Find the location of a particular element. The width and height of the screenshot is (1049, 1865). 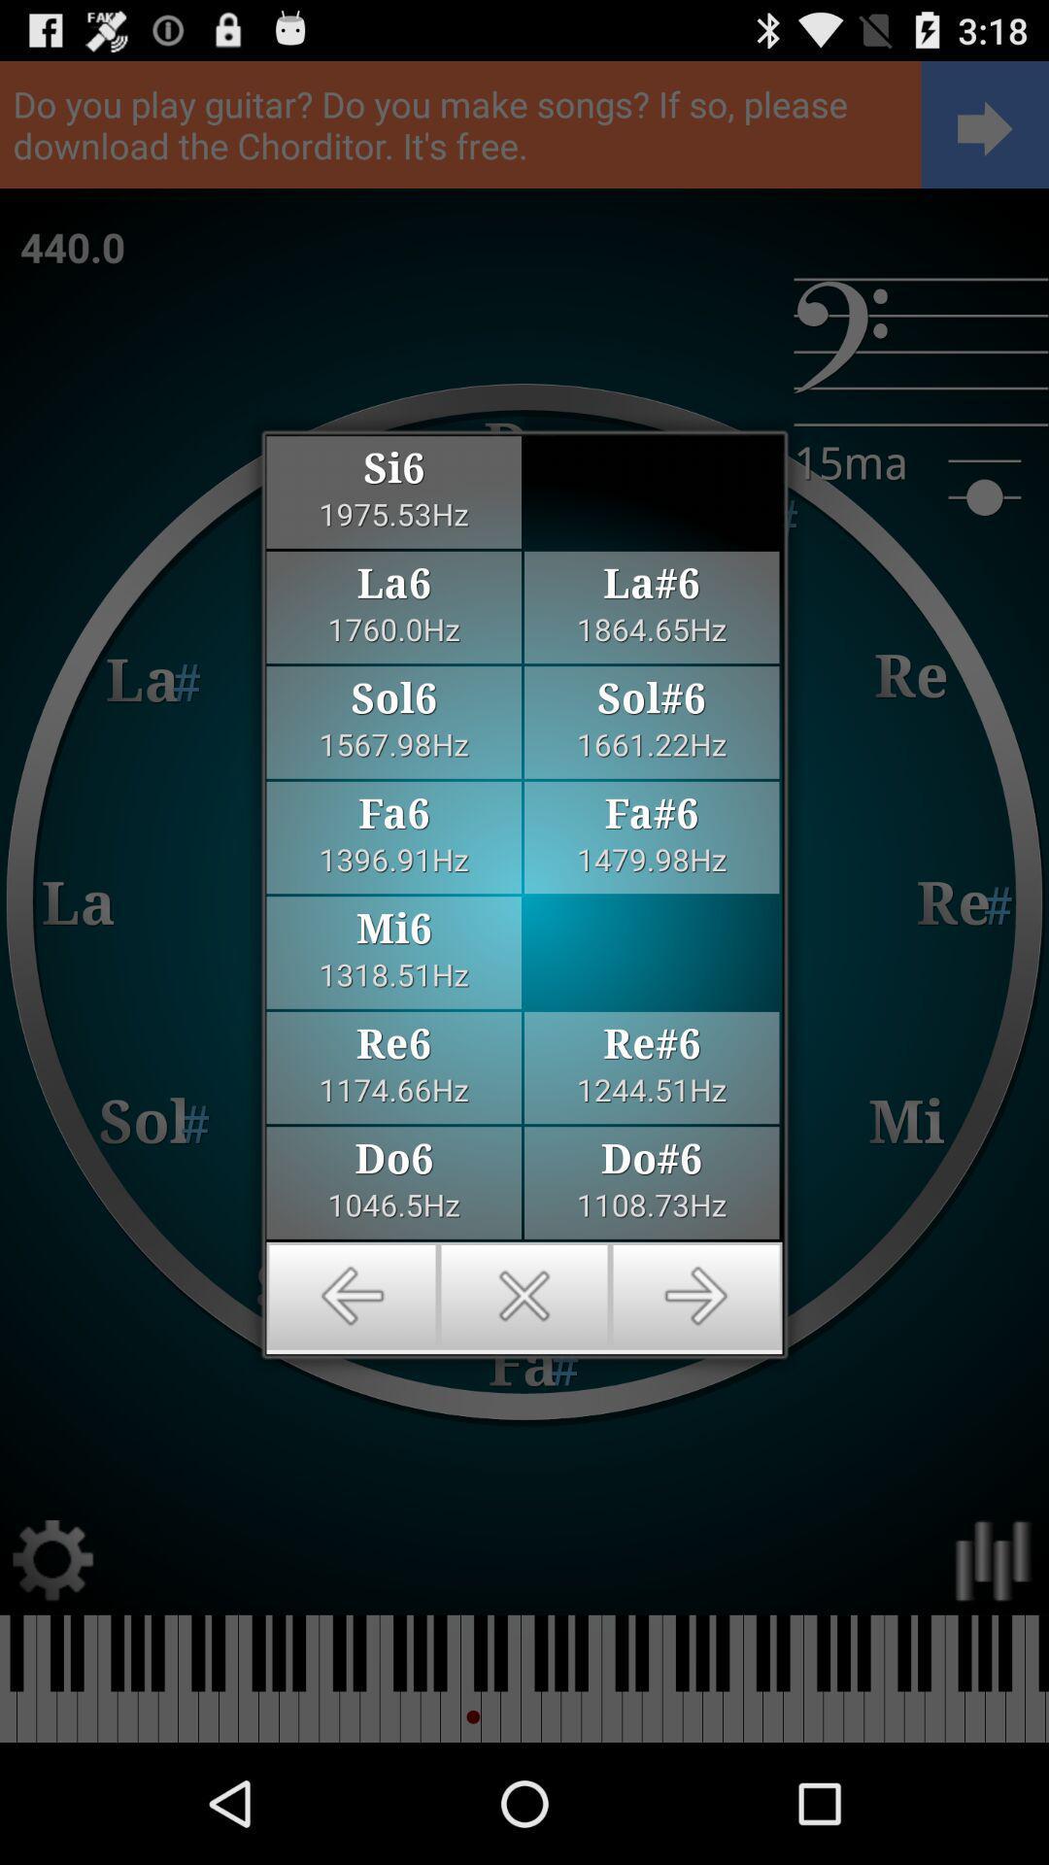

go back is located at coordinates (352, 1296).